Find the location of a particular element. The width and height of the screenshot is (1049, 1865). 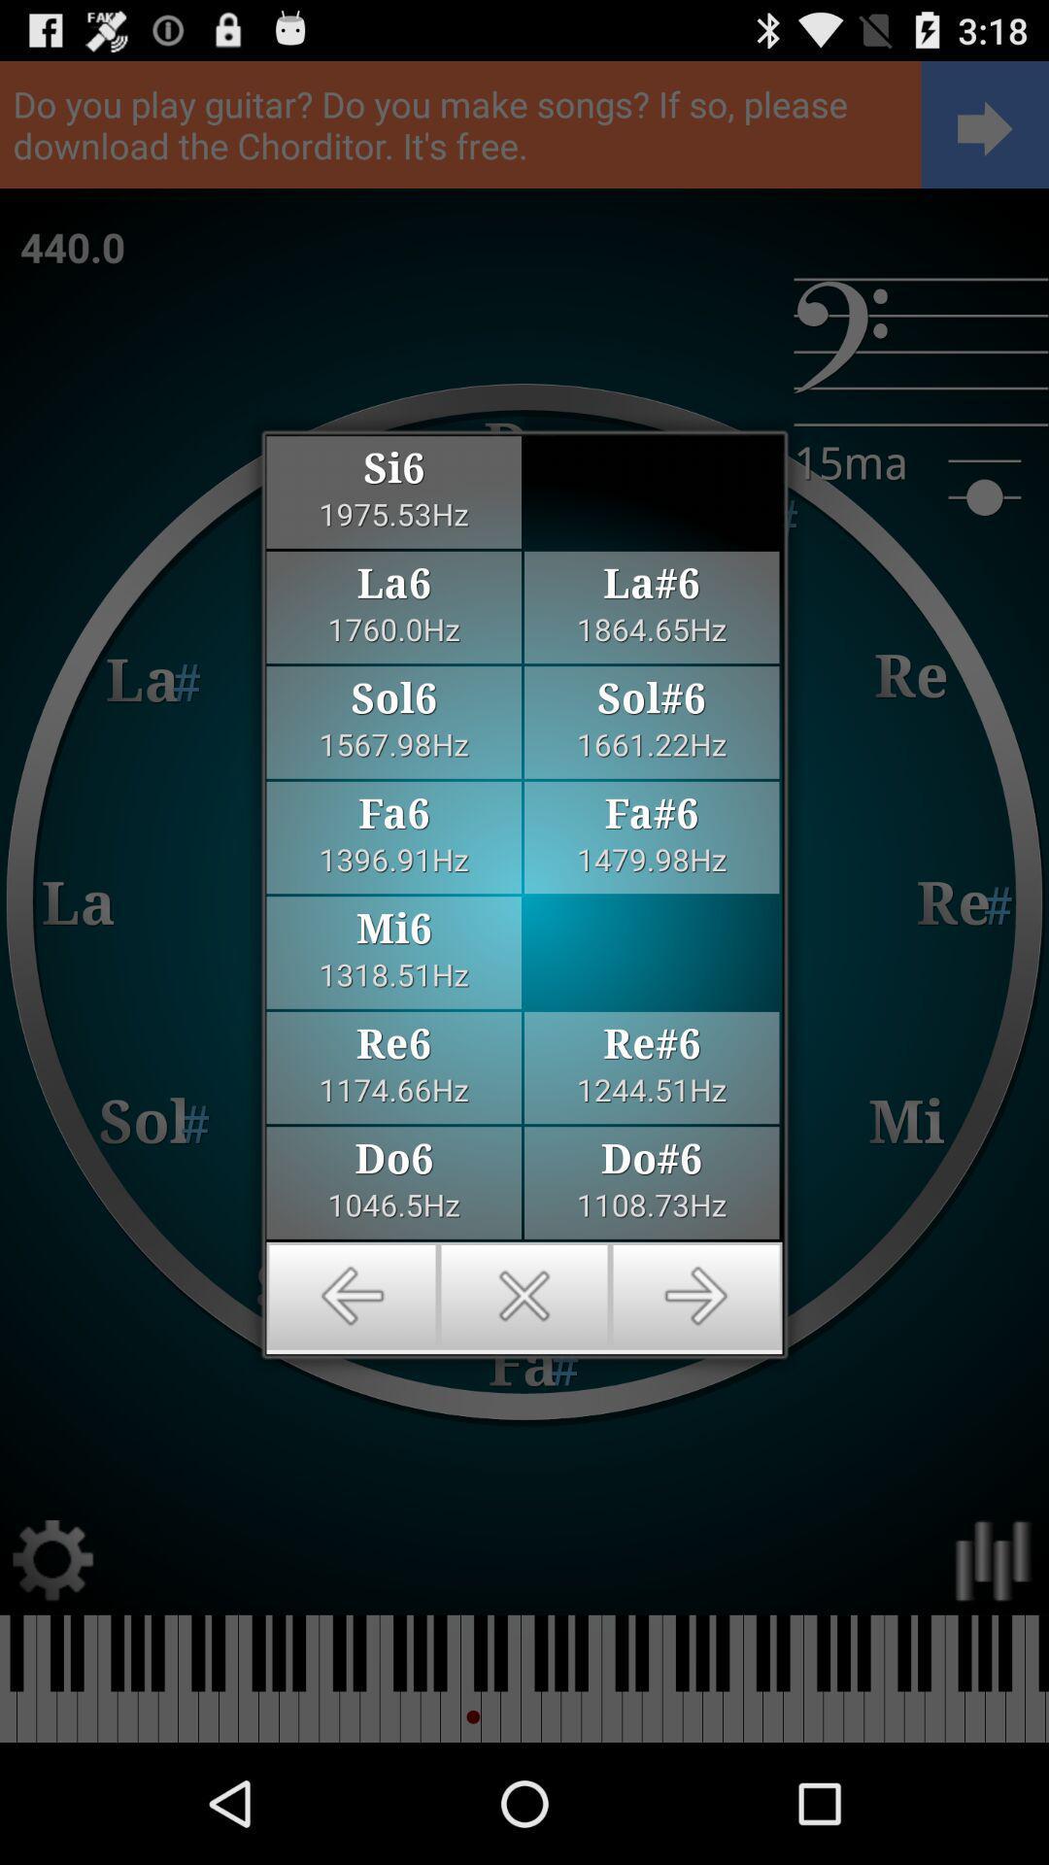

go back is located at coordinates (352, 1296).